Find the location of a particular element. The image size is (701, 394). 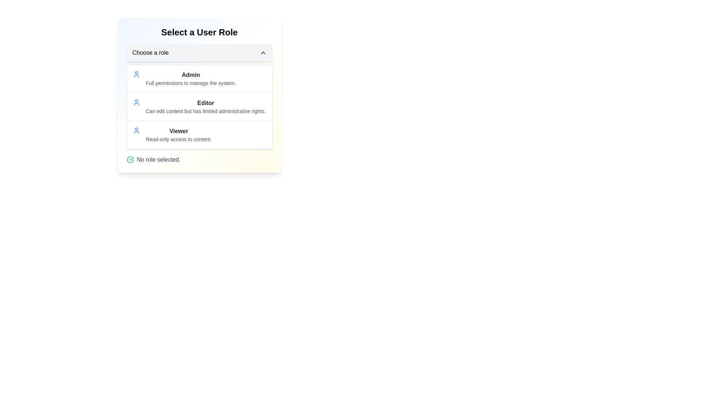

the 'Admin' role icon, which is the first visible user icon in the list of roles, located to the left of the text 'Admin' is located at coordinates (136, 74).